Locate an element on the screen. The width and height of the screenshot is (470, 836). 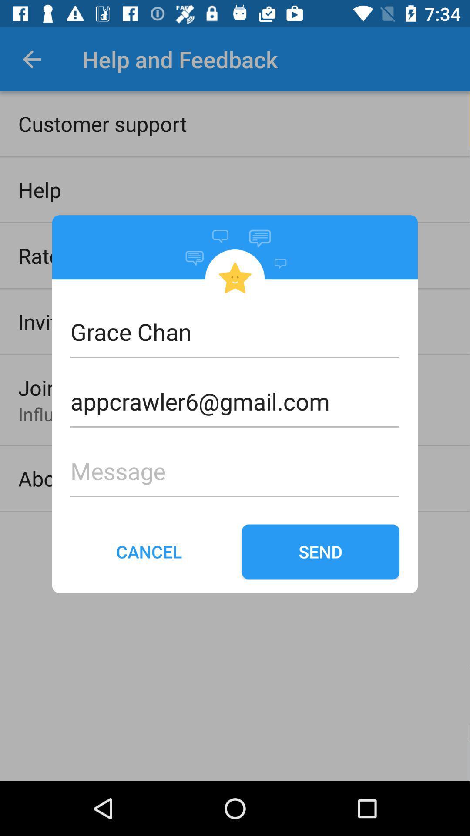
the item on the left is located at coordinates (149, 551).